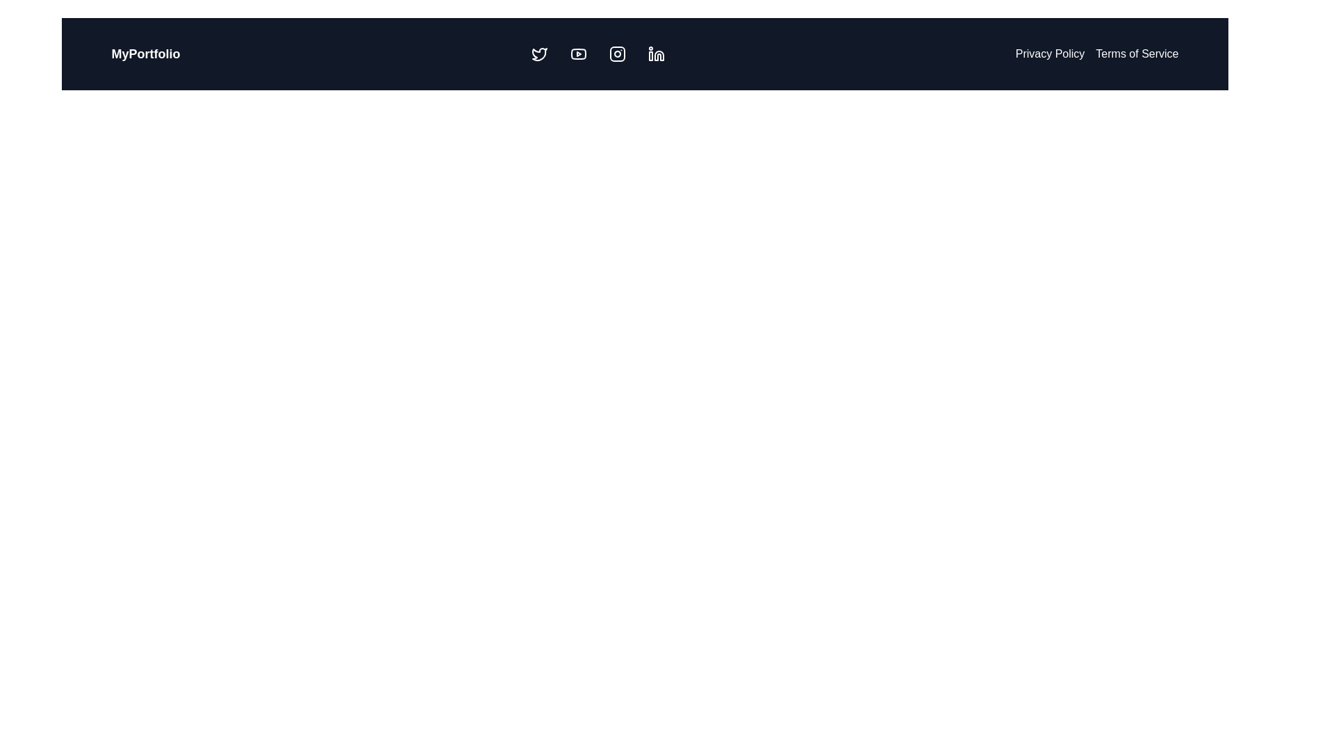 Image resolution: width=1334 pixels, height=750 pixels. I want to click on the LinkedIn logo icon, which is a small clickable icon featuring a white 'in' symbol within a rounded square, located at the top-right corner of the interface, so click(655, 53).